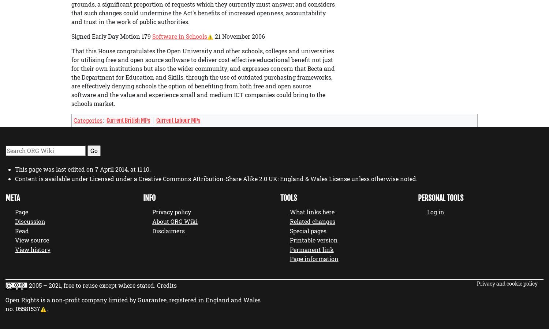  Describe the element at coordinates (31, 240) in the screenshot. I see `'View source'` at that location.